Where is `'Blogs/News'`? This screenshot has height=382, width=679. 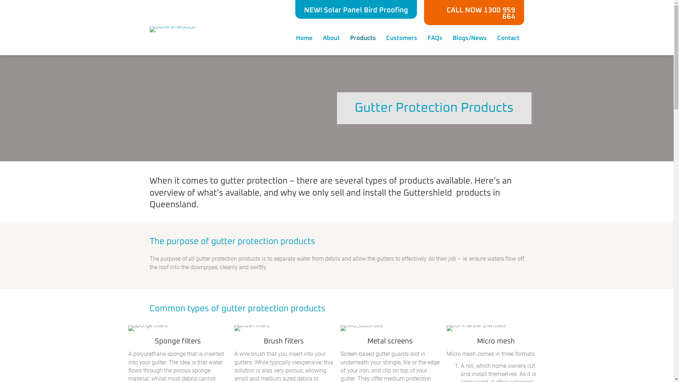 'Blogs/News' is located at coordinates (470, 38).